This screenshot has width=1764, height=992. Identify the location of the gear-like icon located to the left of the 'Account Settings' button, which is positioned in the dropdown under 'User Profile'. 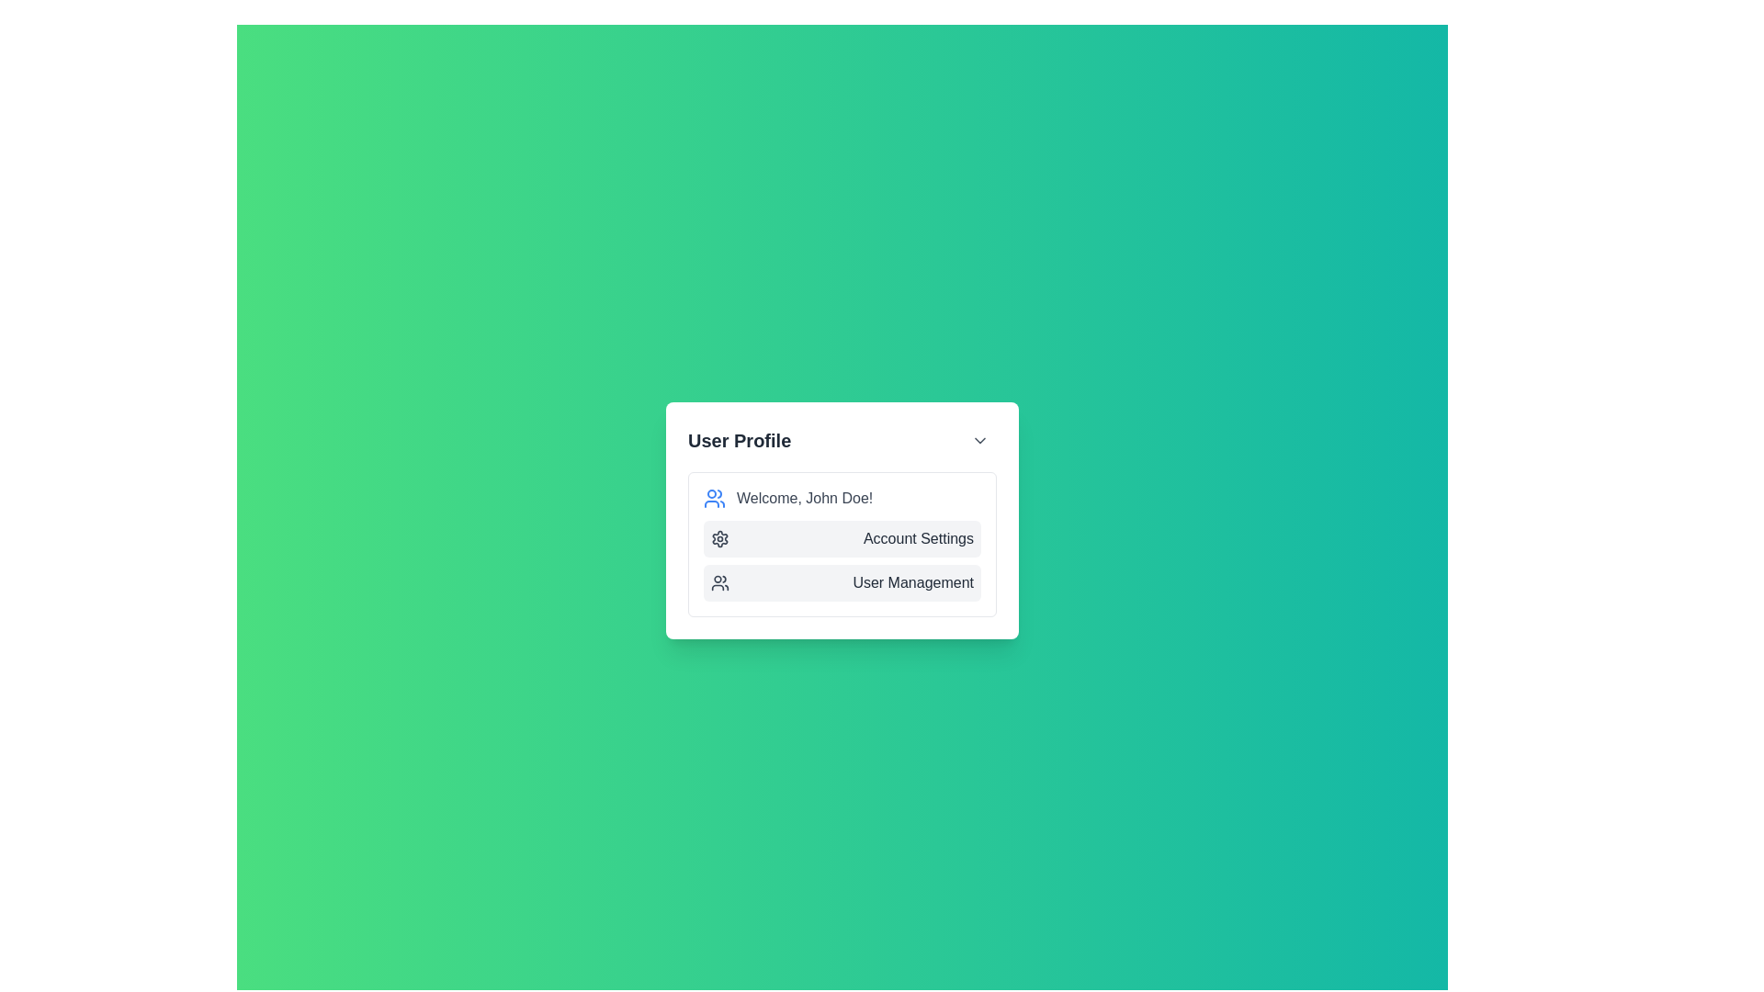
(718, 537).